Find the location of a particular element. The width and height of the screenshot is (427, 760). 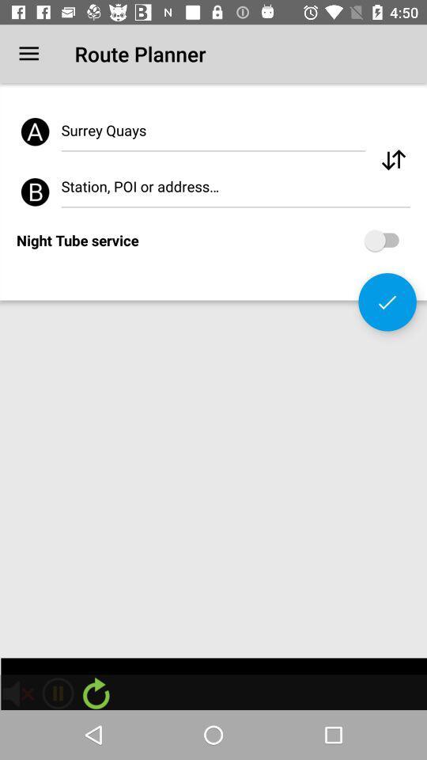

confirm is located at coordinates (387, 301).